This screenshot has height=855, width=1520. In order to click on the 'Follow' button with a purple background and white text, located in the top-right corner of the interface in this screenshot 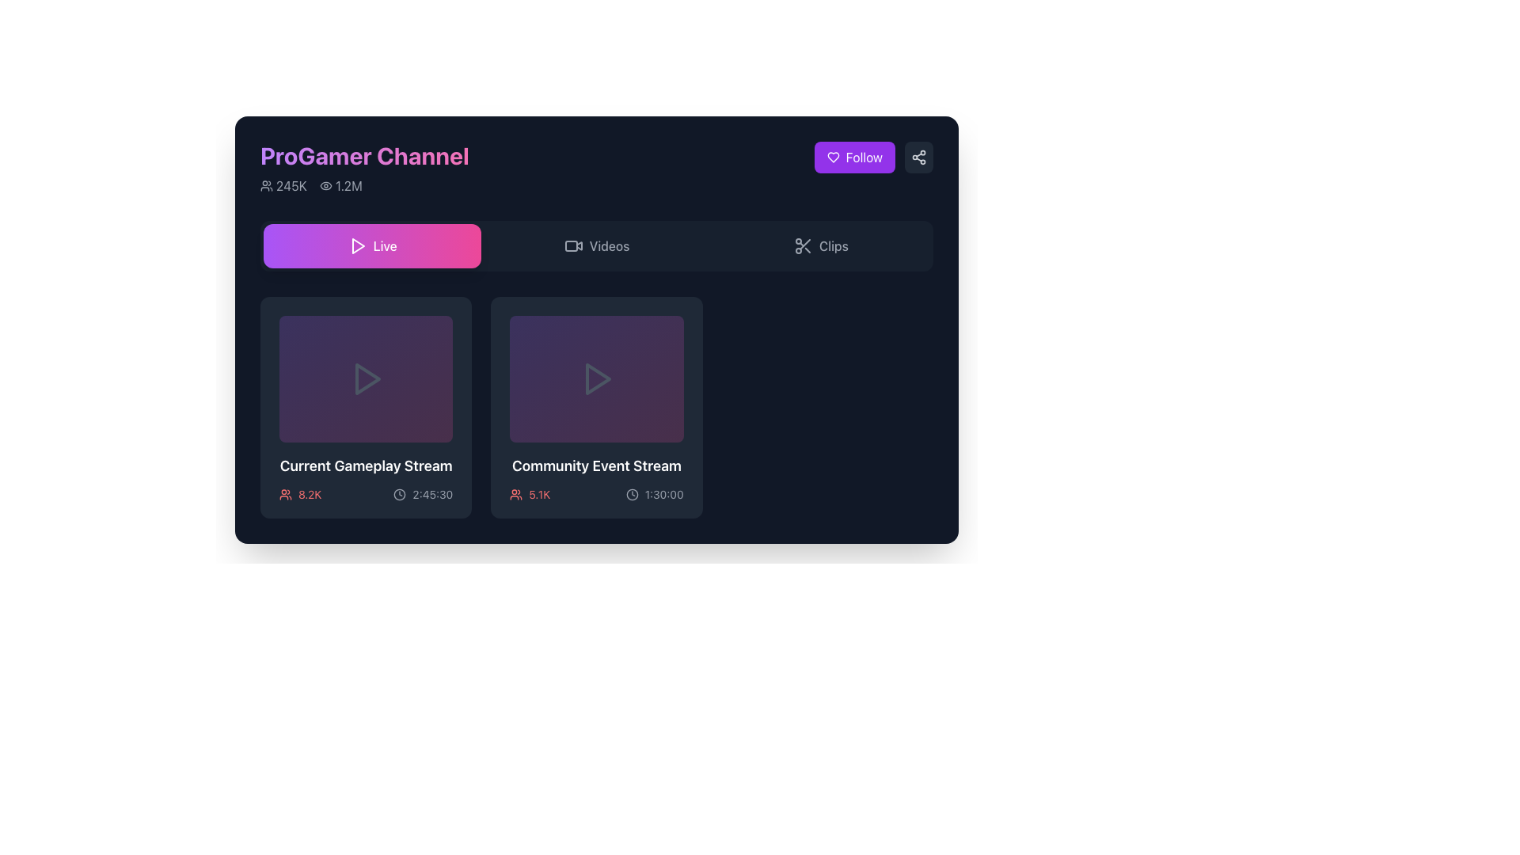, I will do `click(853, 158)`.